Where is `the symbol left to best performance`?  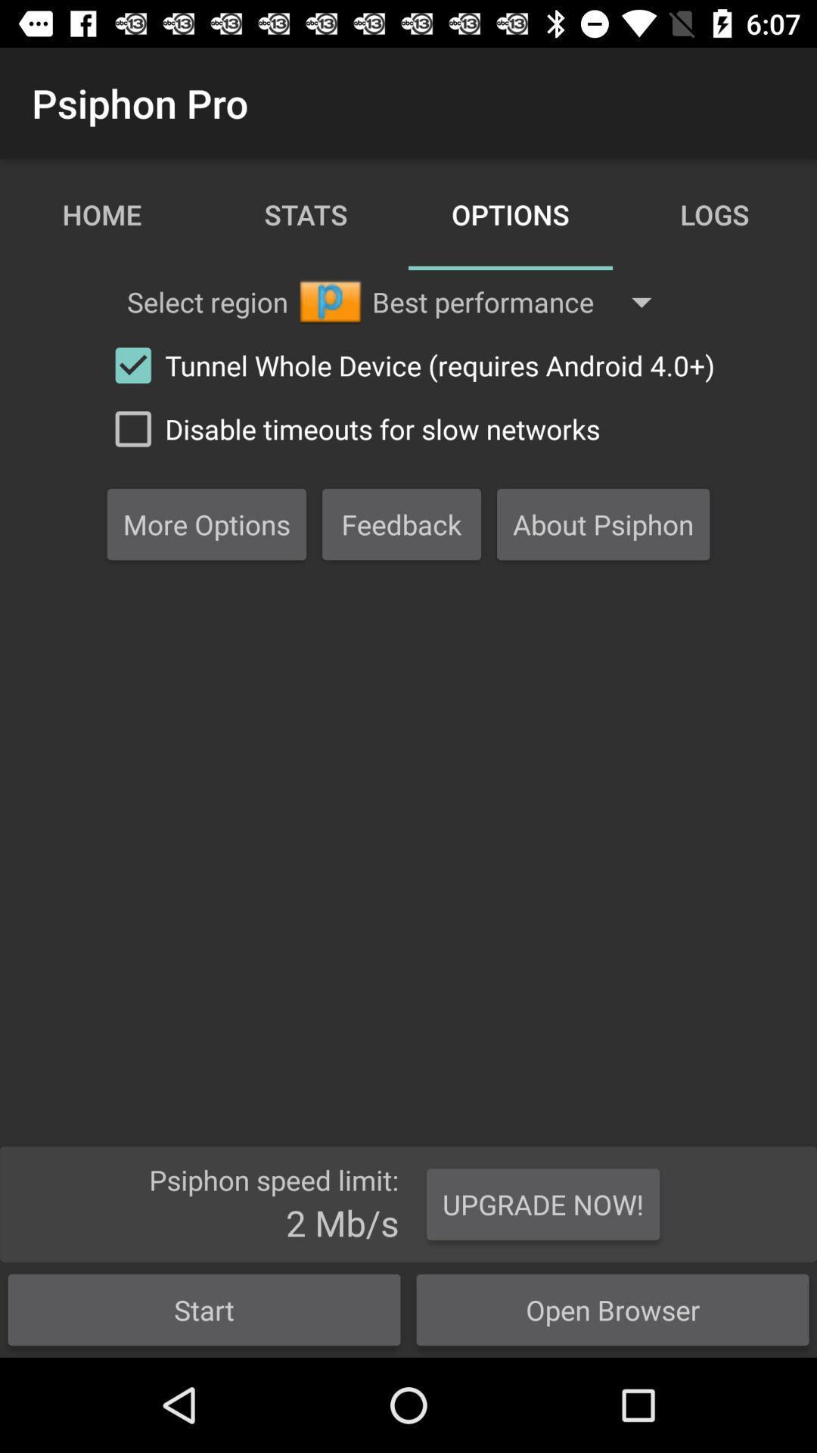 the symbol left to best performance is located at coordinates (329, 301).